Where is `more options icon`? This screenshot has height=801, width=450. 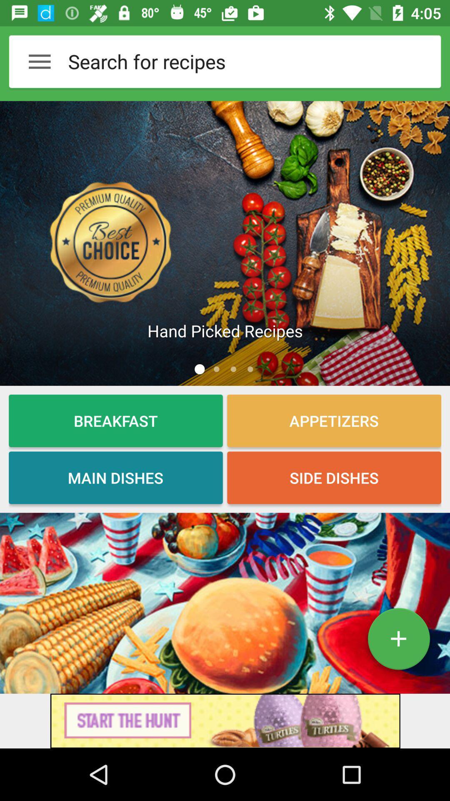
more options icon is located at coordinates (40, 61).